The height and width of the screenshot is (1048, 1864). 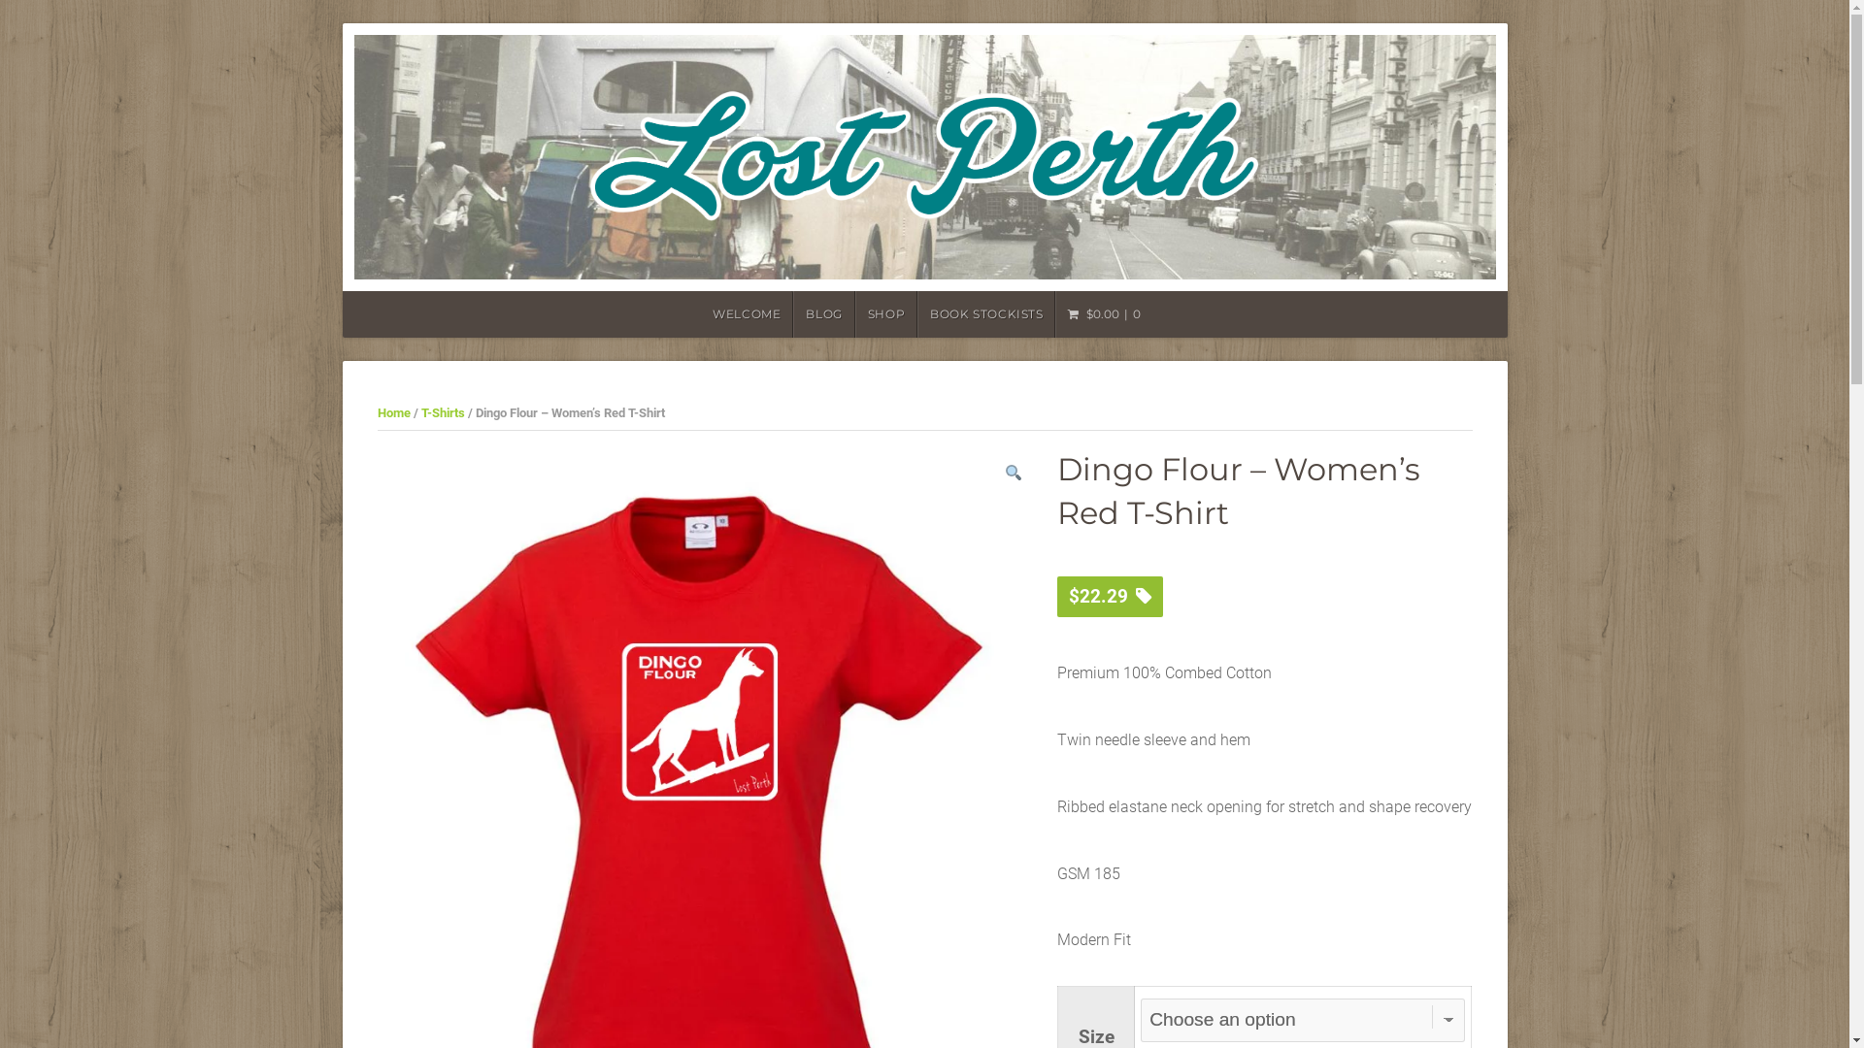 What do you see at coordinates (823, 313) in the screenshot?
I see `'BLOG'` at bounding box center [823, 313].